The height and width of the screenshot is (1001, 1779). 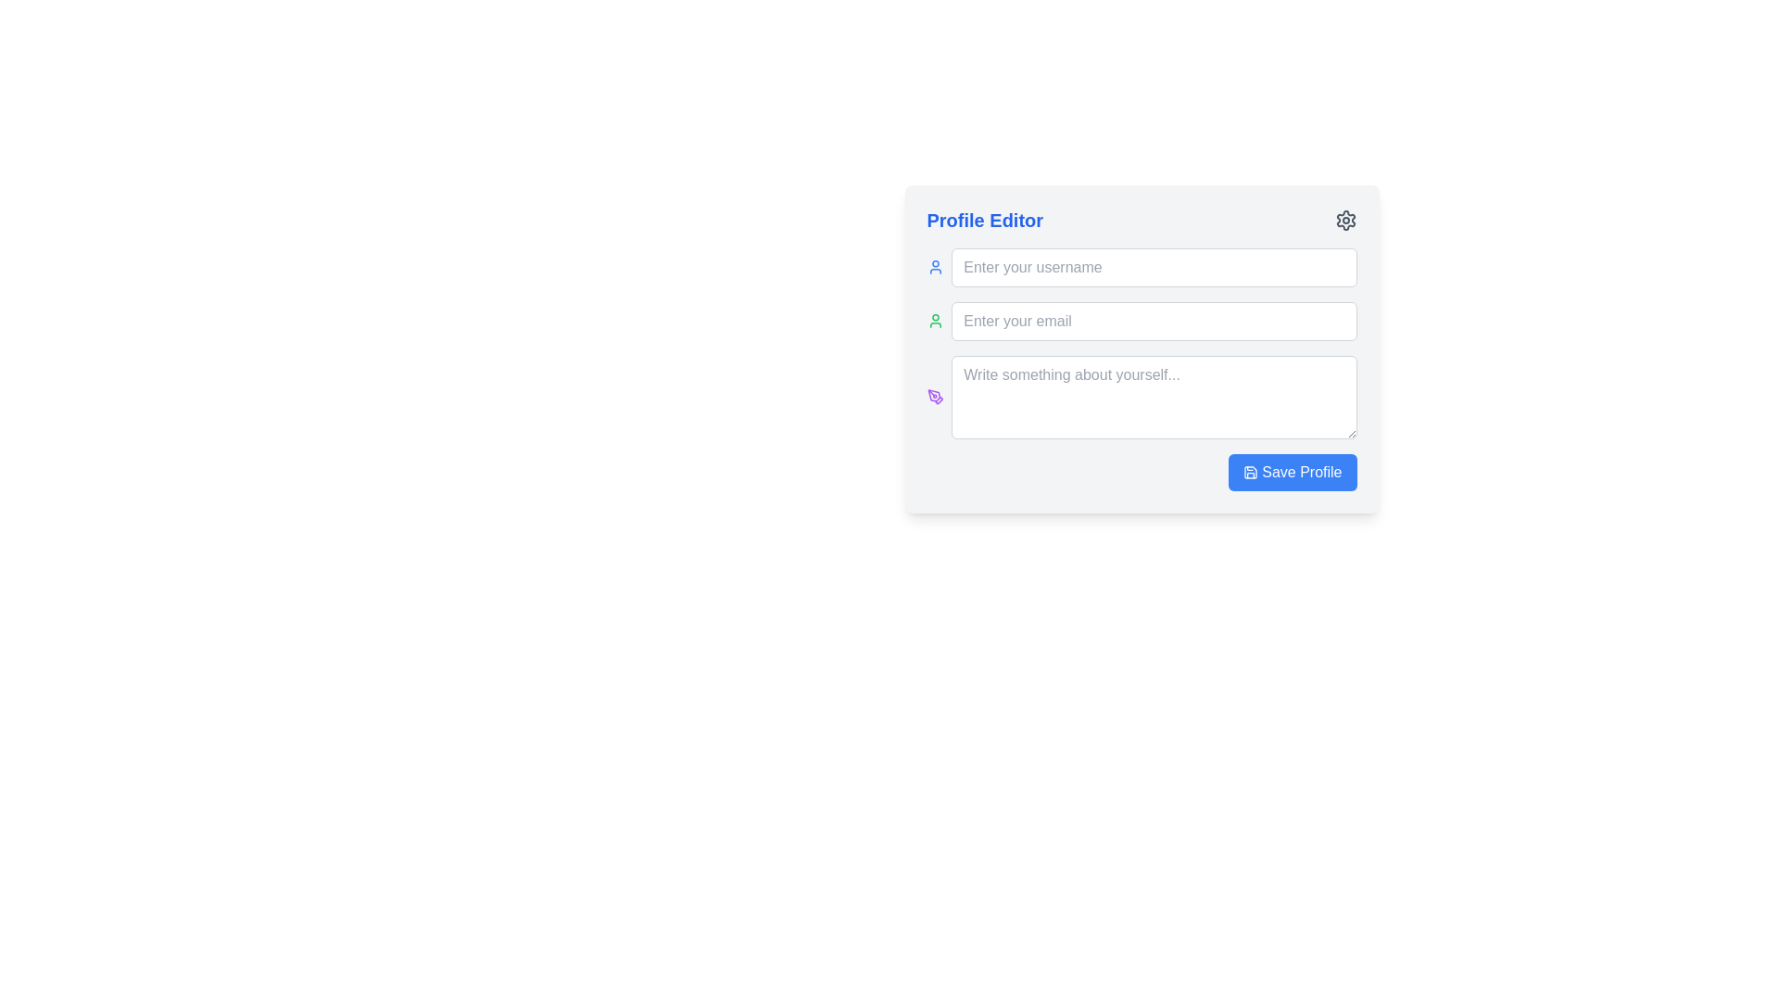 What do you see at coordinates (1345, 220) in the screenshot?
I see `the gear icon located at the top-right corner of the Profile Editor section for keyboard interactions` at bounding box center [1345, 220].